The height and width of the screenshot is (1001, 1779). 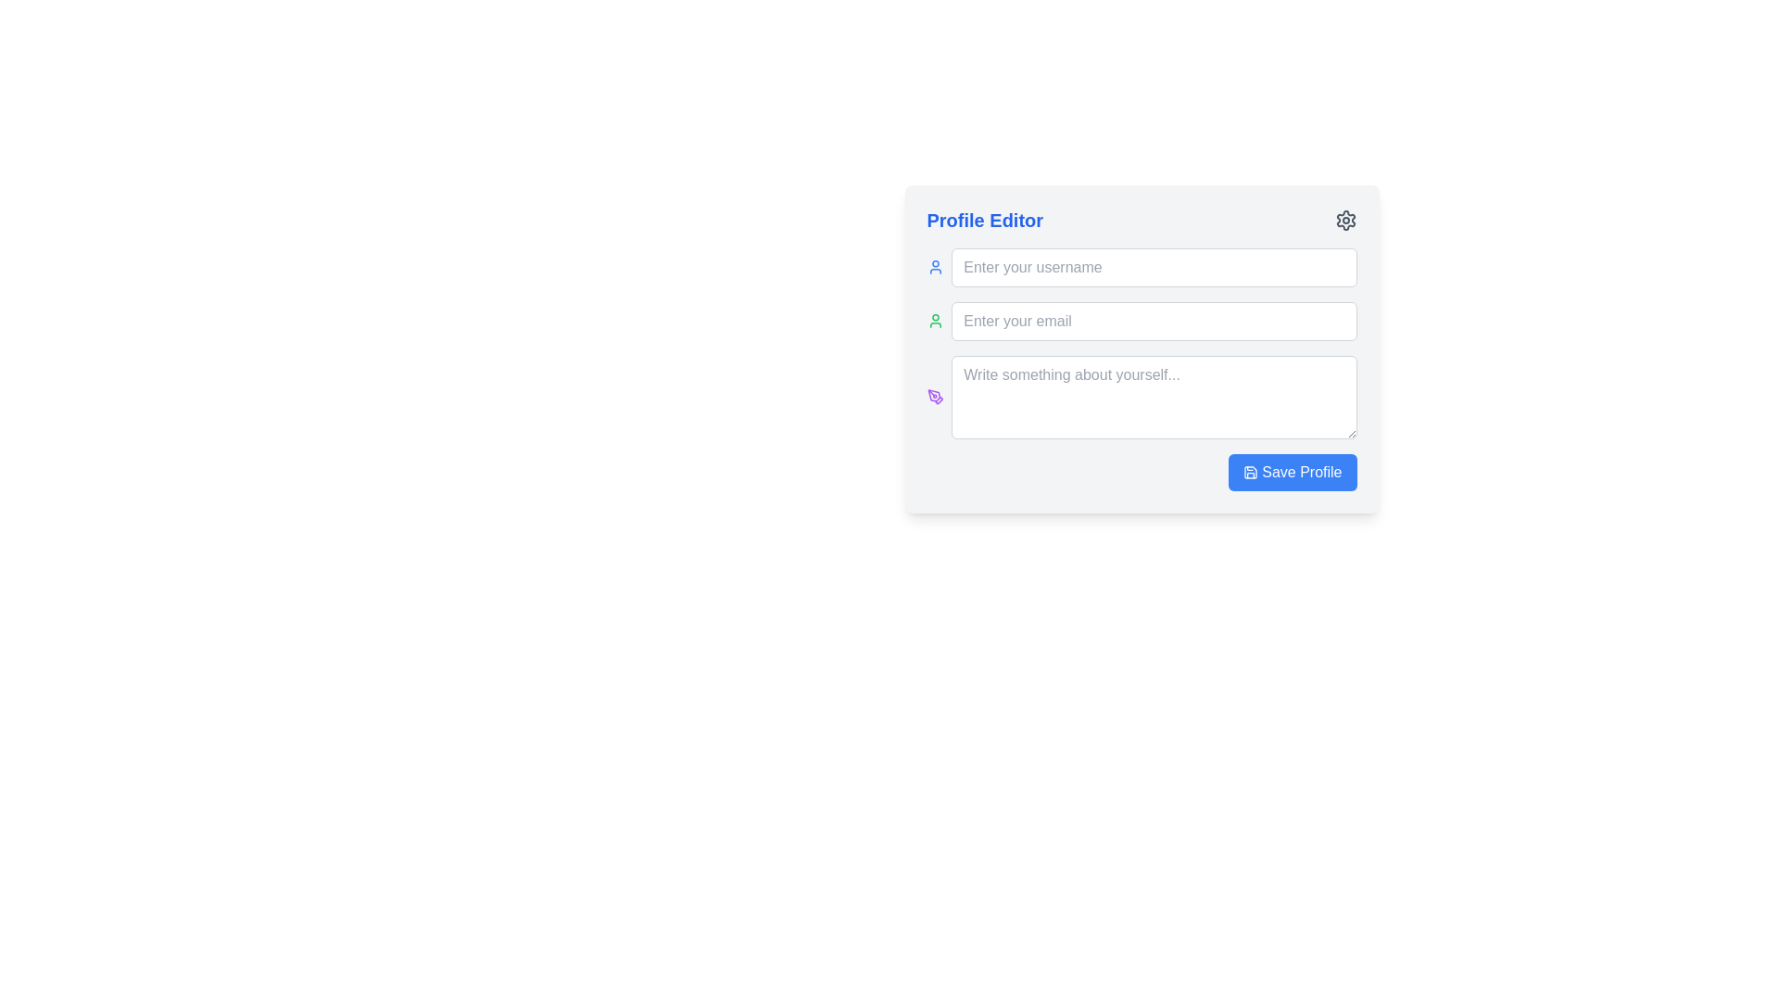 What do you see at coordinates (1345, 220) in the screenshot?
I see `the gear icon located at the top-right corner of the Profile Editor section for keyboard interactions` at bounding box center [1345, 220].